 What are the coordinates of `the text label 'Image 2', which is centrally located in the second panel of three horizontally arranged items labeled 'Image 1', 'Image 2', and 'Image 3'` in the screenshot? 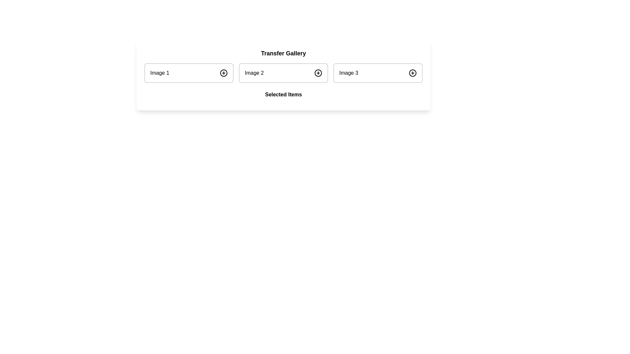 It's located at (254, 73).